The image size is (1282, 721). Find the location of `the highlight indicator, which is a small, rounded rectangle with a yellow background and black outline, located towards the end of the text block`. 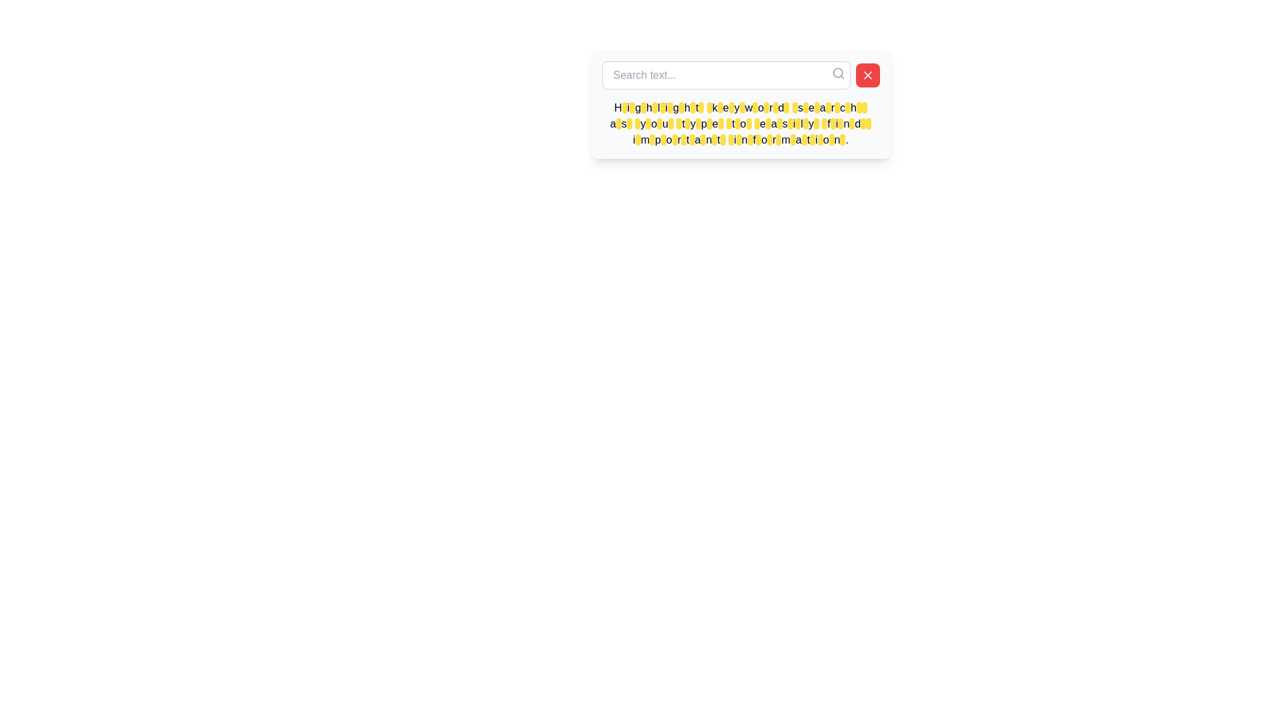

the highlight indicator, which is a small, rounded rectangle with a yellow background and black outline, located towards the end of the text block is located at coordinates (842, 140).